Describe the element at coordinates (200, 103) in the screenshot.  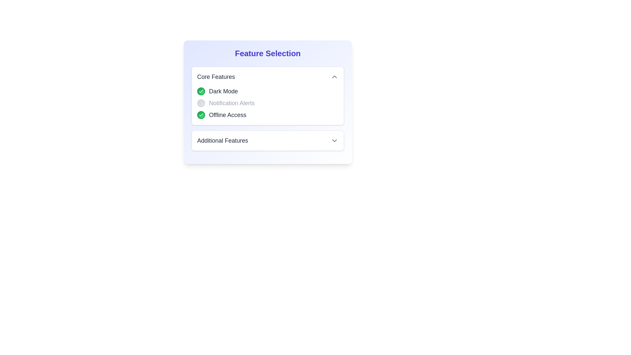
I see `the Circular indicator or toggle for 'Notification Alerts'` at that location.